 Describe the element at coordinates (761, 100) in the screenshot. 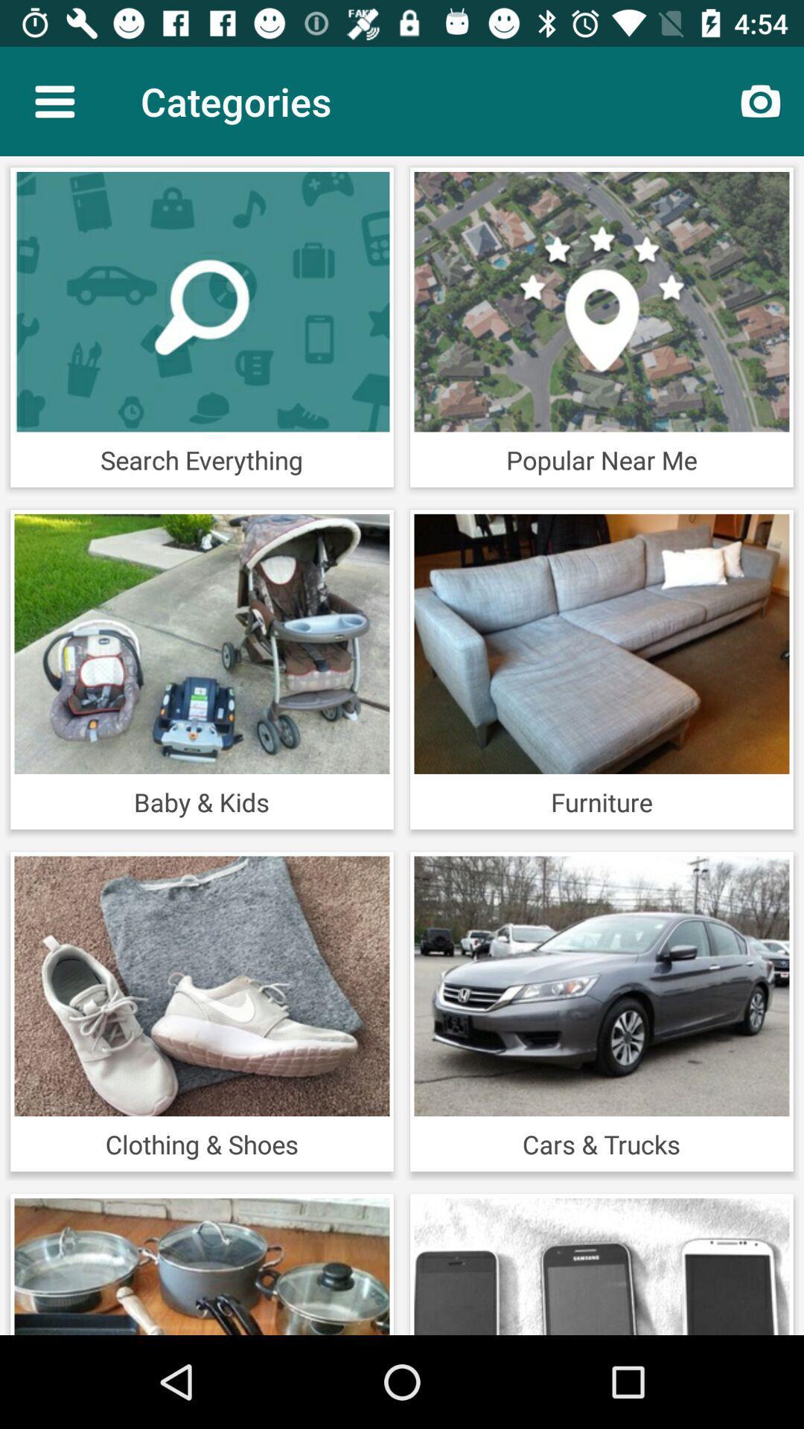

I see `the item next to categories icon` at that location.